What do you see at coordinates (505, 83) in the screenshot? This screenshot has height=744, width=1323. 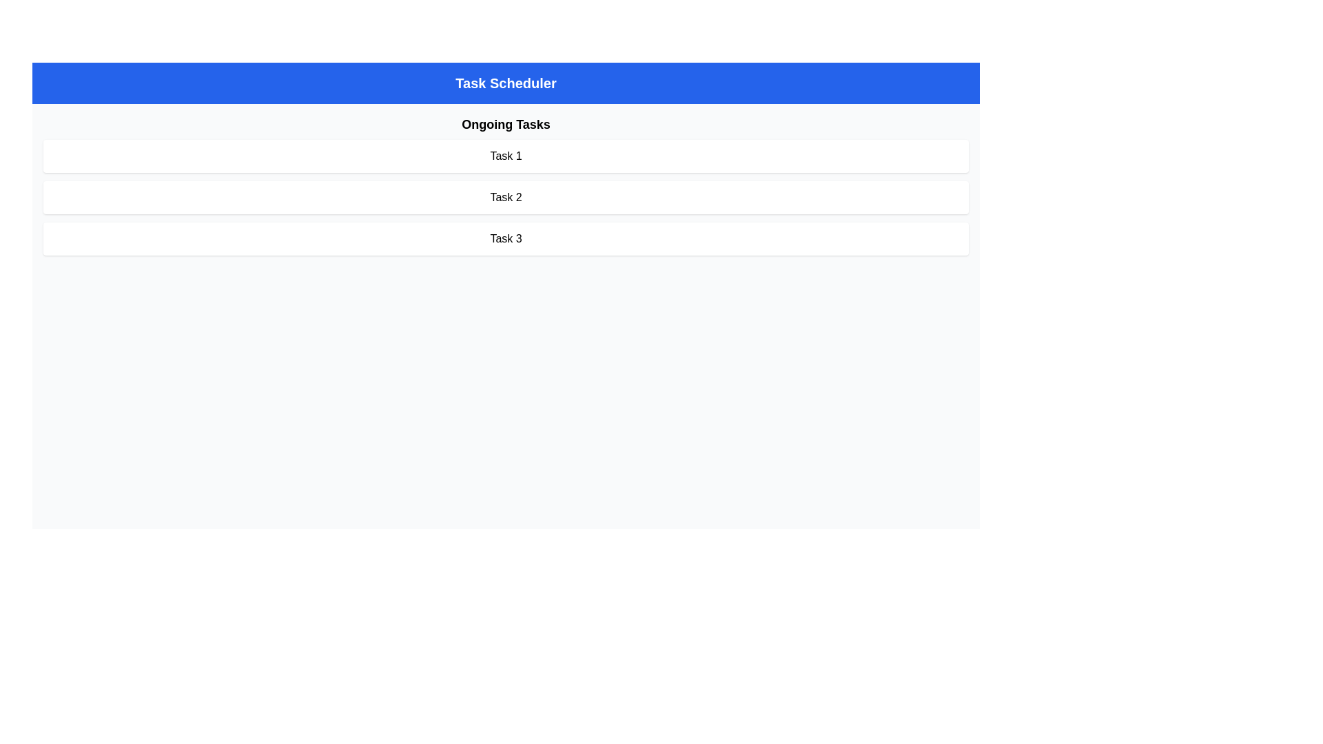 I see `the page context` at bounding box center [505, 83].